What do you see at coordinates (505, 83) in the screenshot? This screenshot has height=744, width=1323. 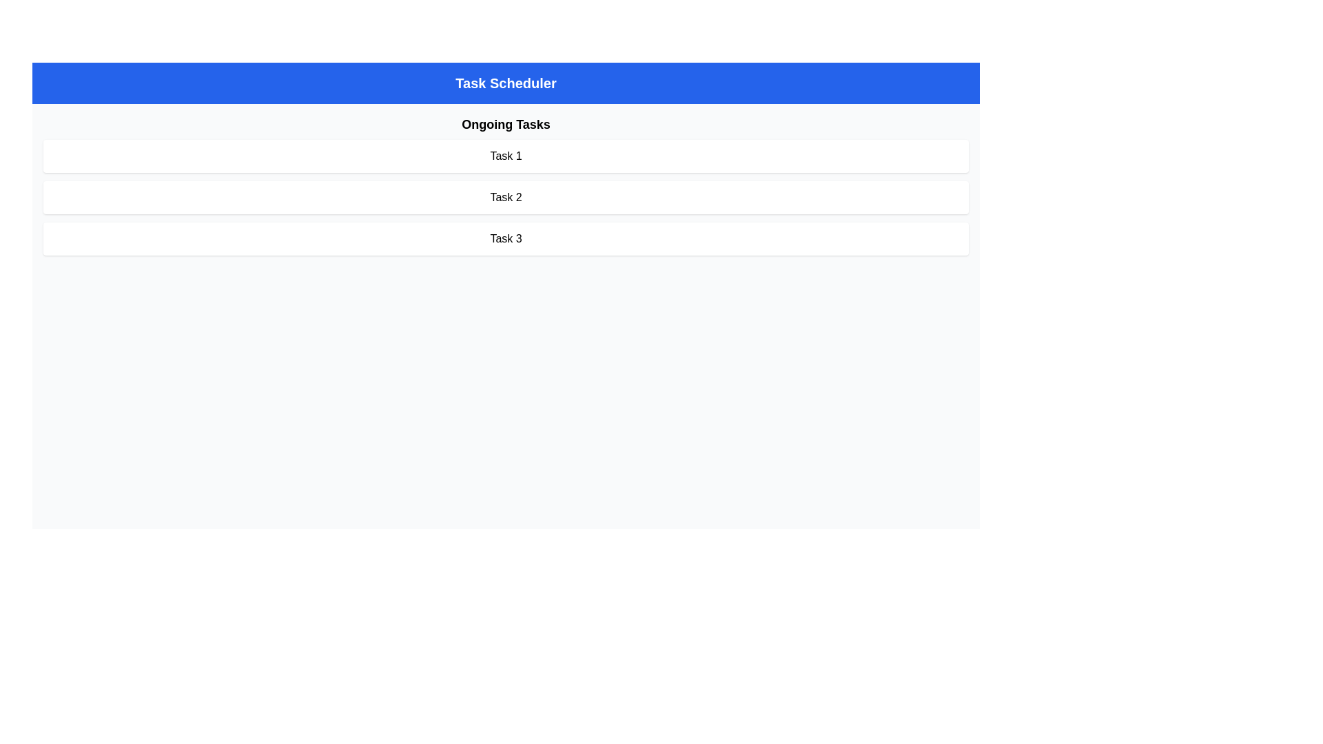 I see `the page context` at bounding box center [505, 83].